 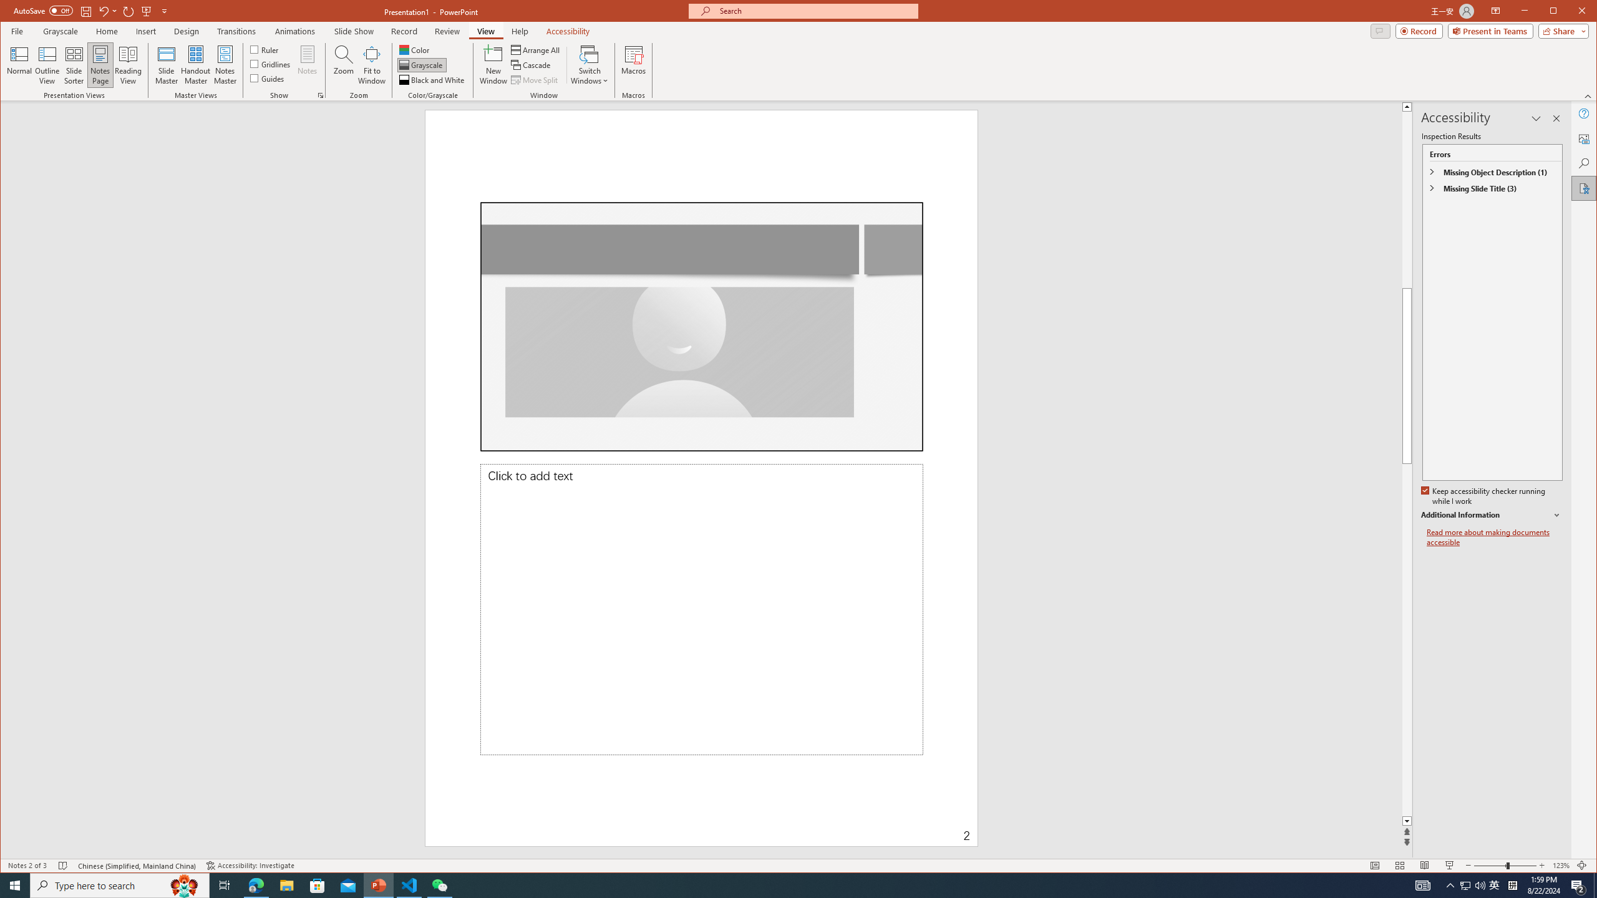 What do you see at coordinates (440, 884) in the screenshot?
I see `'WeChat - 1 running window'` at bounding box center [440, 884].